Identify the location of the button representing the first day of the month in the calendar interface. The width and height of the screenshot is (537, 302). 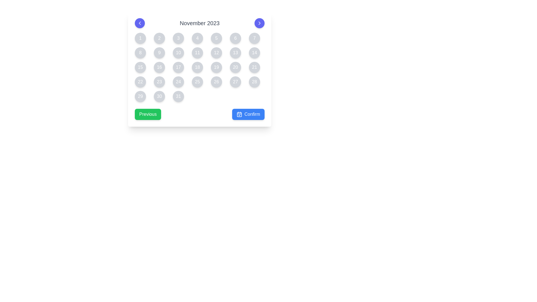
(140, 38).